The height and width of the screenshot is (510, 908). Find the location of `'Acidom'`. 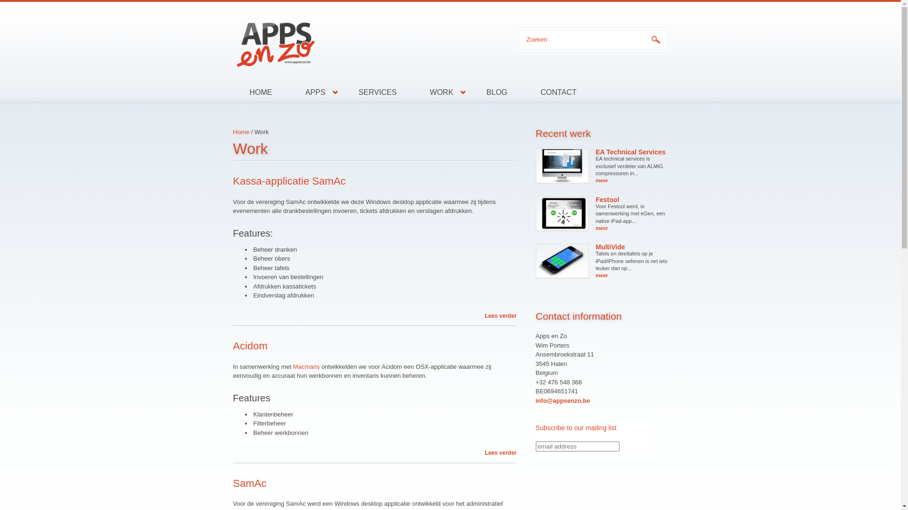

'Acidom' is located at coordinates (232, 346).